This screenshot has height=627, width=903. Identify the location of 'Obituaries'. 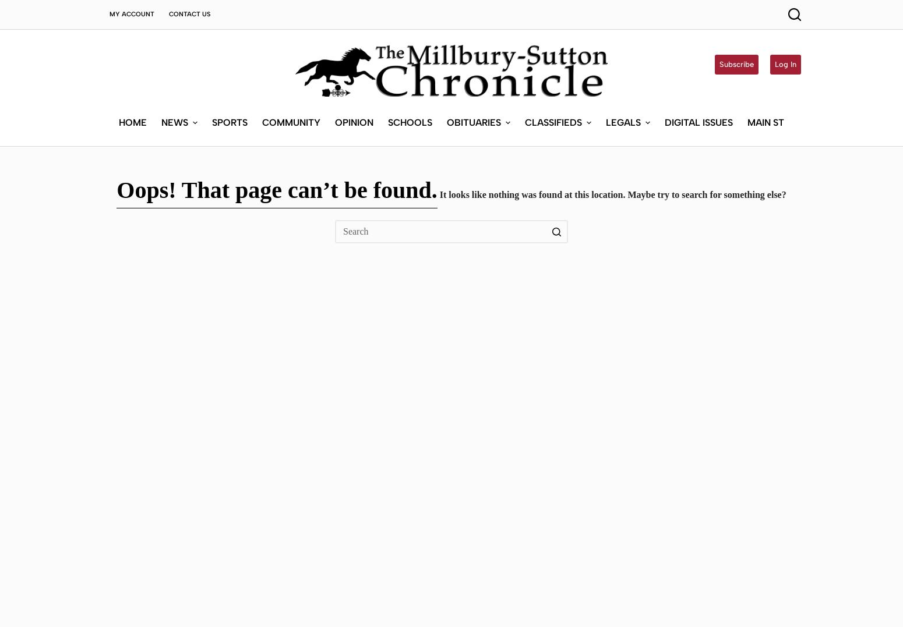
(472, 37).